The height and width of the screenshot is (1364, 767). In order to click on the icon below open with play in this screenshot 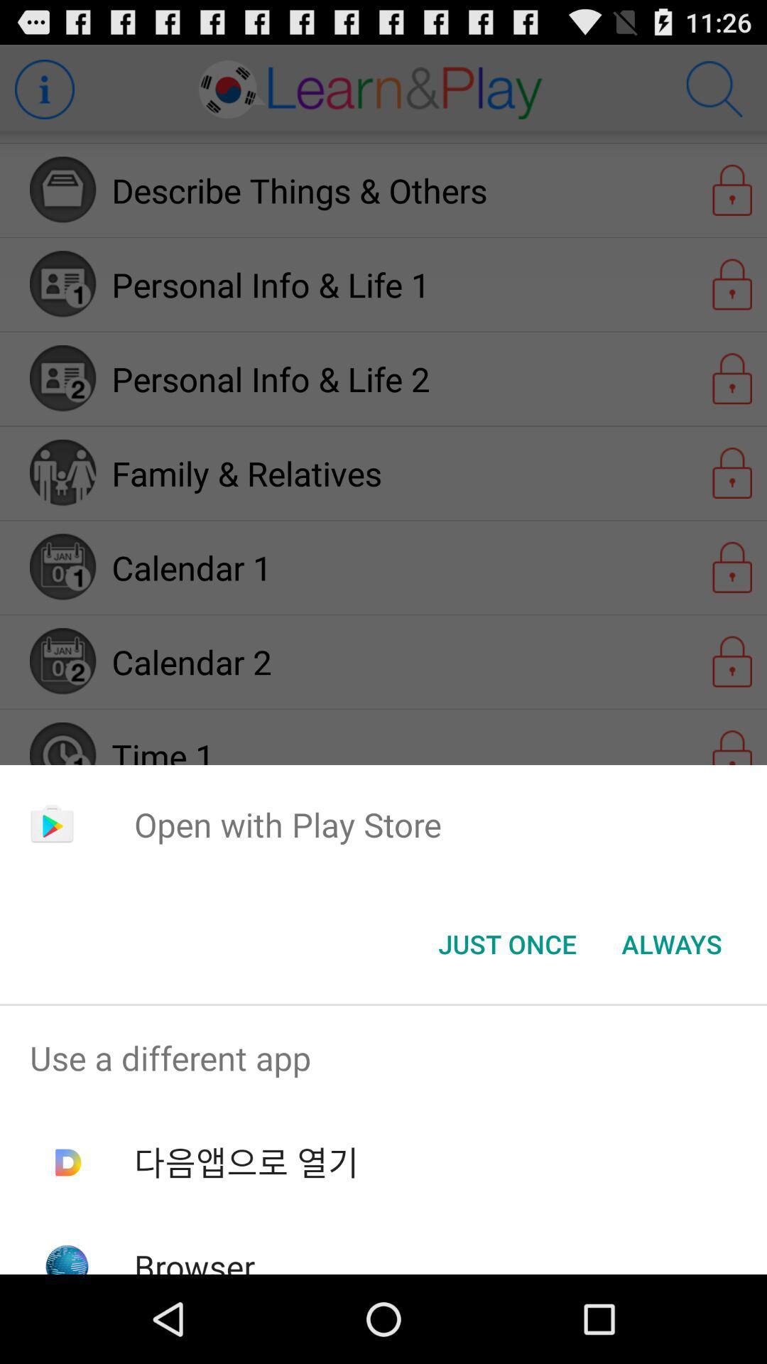, I will do `click(671, 944)`.